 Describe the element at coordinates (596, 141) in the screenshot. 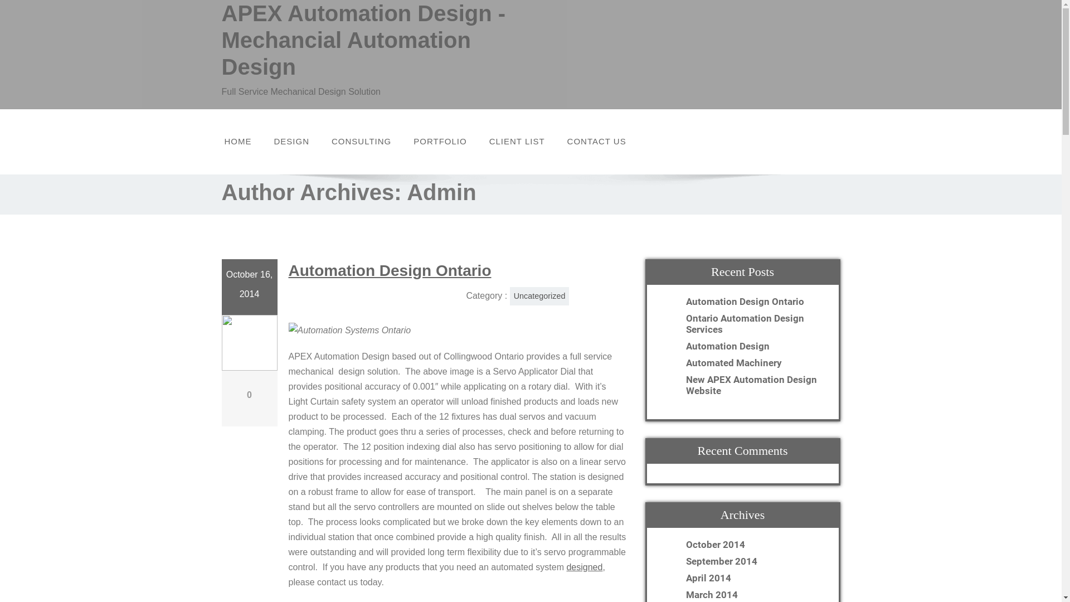

I see `'CONTACT US'` at that location.